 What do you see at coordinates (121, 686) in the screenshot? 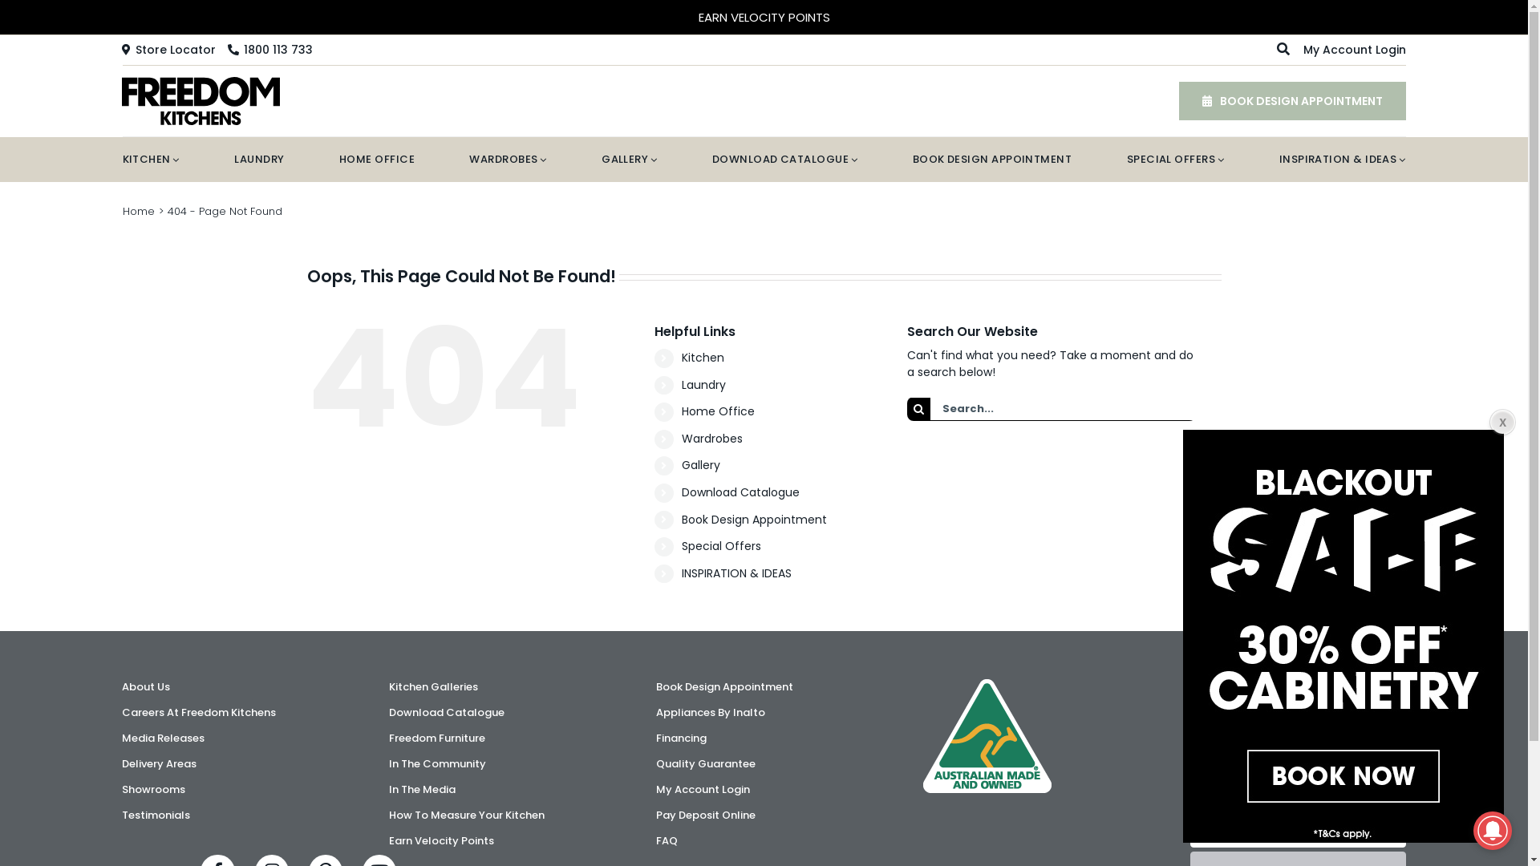
I see `'About Us'` at bounding box center [121, 686].